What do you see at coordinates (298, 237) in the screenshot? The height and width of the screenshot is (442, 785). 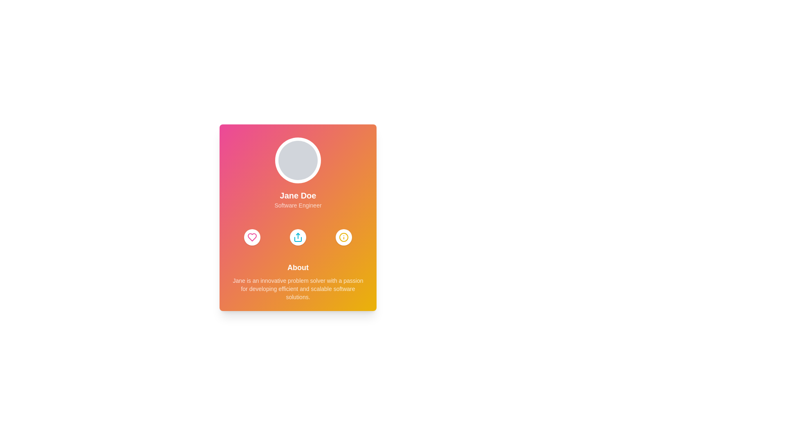 I see `the share icon, which is styled with cyan coloration and is positioned inside a circular button below the user information section, to initiate sharing` at bounding box center [298, 237].